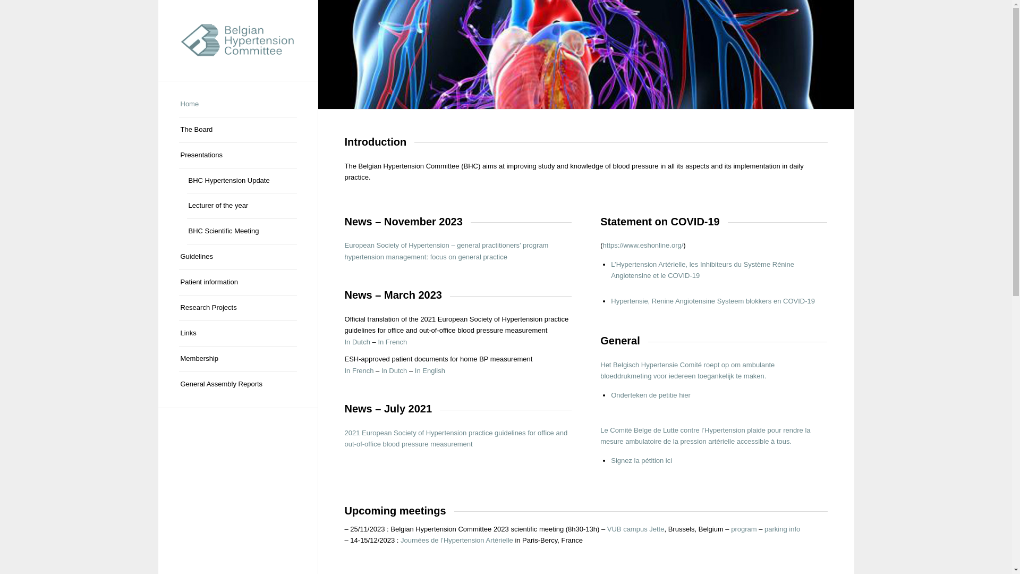 This screenshot has width=1020, height=574. What do you see at coordinates (414, 370) in the screenshot?
I see `'In English'` at bounding box center [414, 370].